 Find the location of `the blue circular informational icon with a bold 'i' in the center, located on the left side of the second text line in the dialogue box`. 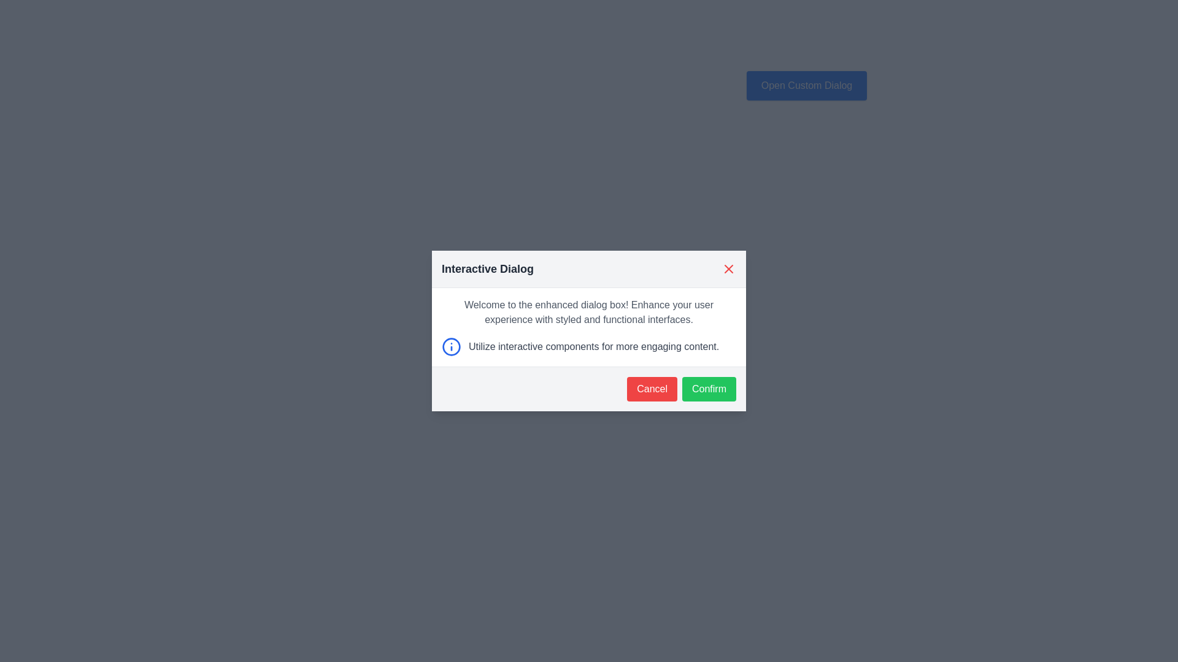

the blue circular informational icon with a bold 'i' in the center, located on the left side of the second text line in the dialogue box is located at coordinates (450, 347).